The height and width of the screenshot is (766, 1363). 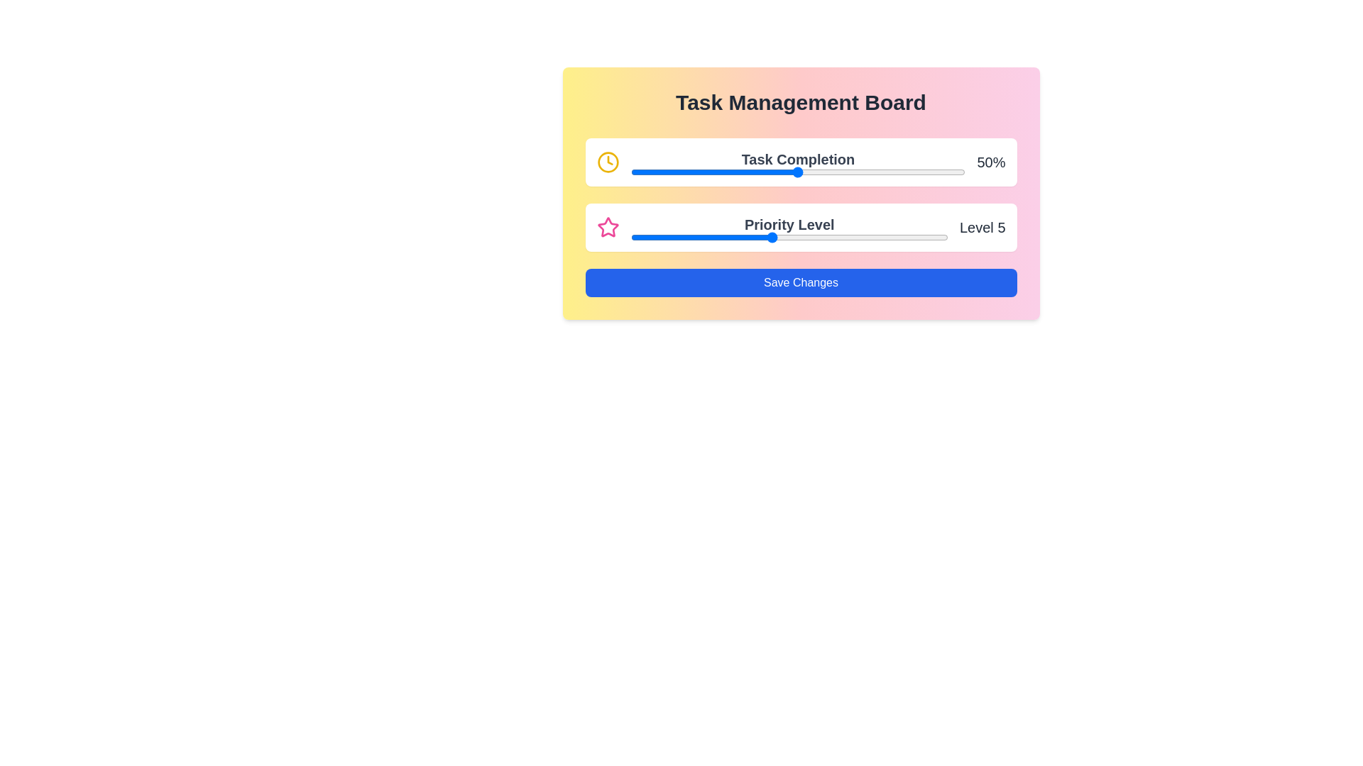 What do you see at coordinates (798, 161) in the screenshot?
I see `the progress bar of the 'Task Completion' element` at bounding box center [798, 161].